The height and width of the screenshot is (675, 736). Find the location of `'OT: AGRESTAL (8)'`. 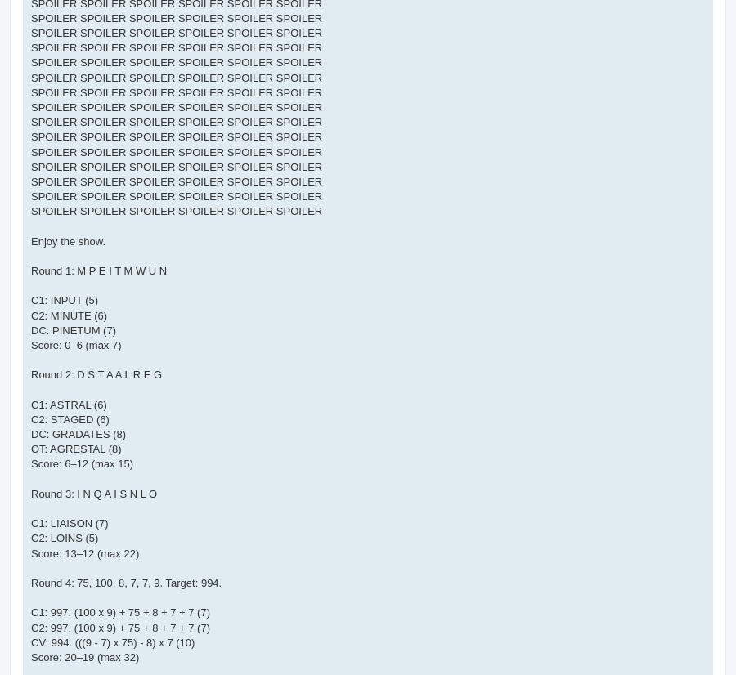

'OT: AGRESTAL (8)' is located at coordinates (74, 449).